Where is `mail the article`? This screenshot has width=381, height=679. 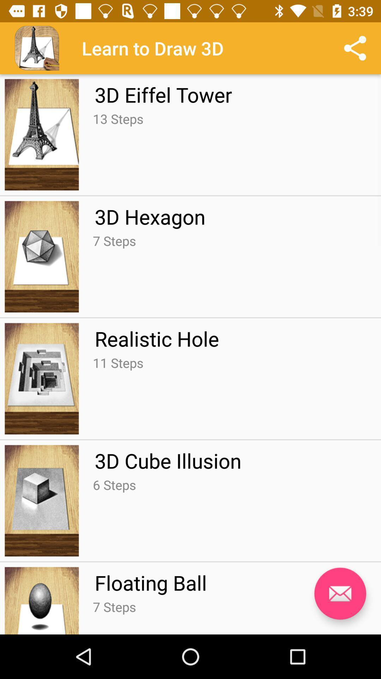 mail the article is located at coordinates (340, 593).